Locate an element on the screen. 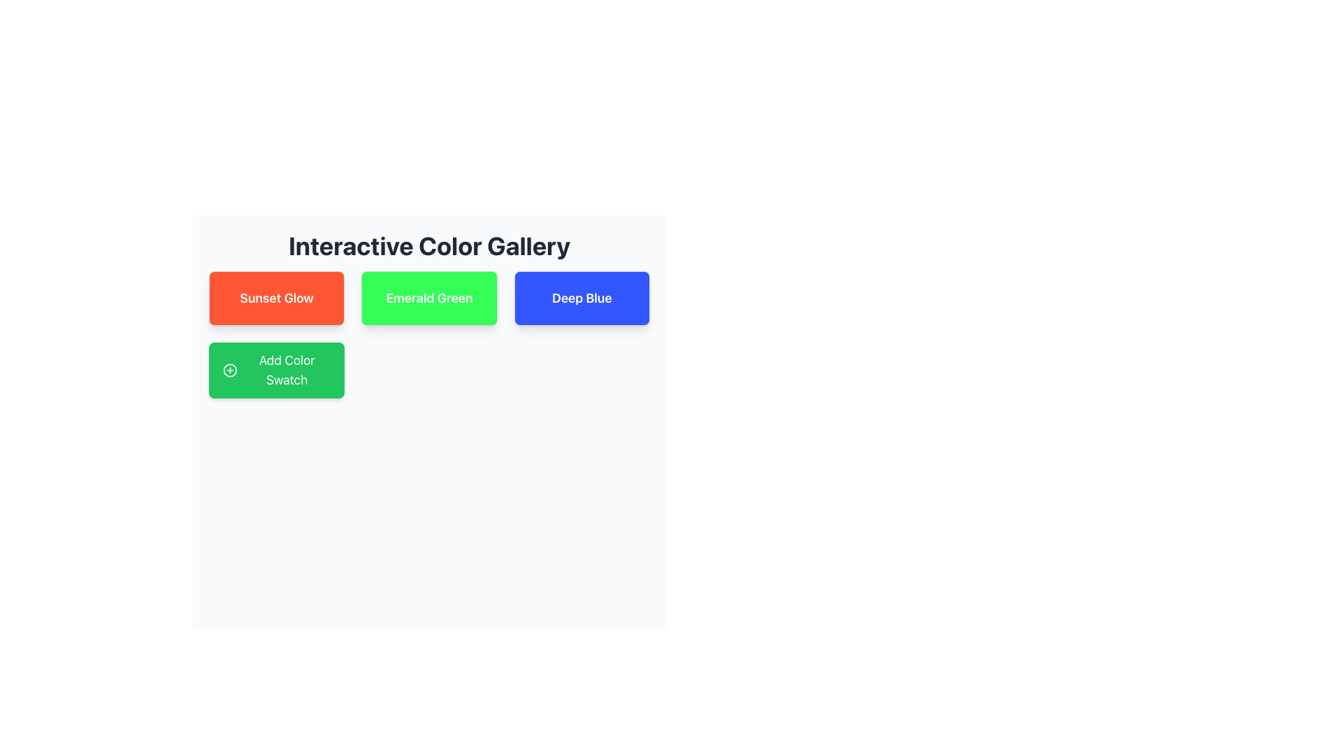 The width and height of the screenshot is (1342, 755). the green rectangular button labeled 'Add Color Swatch' located beneath the 'Sunset Glow' swatch to observe any hover state changes is located at coordinates (277, 369).